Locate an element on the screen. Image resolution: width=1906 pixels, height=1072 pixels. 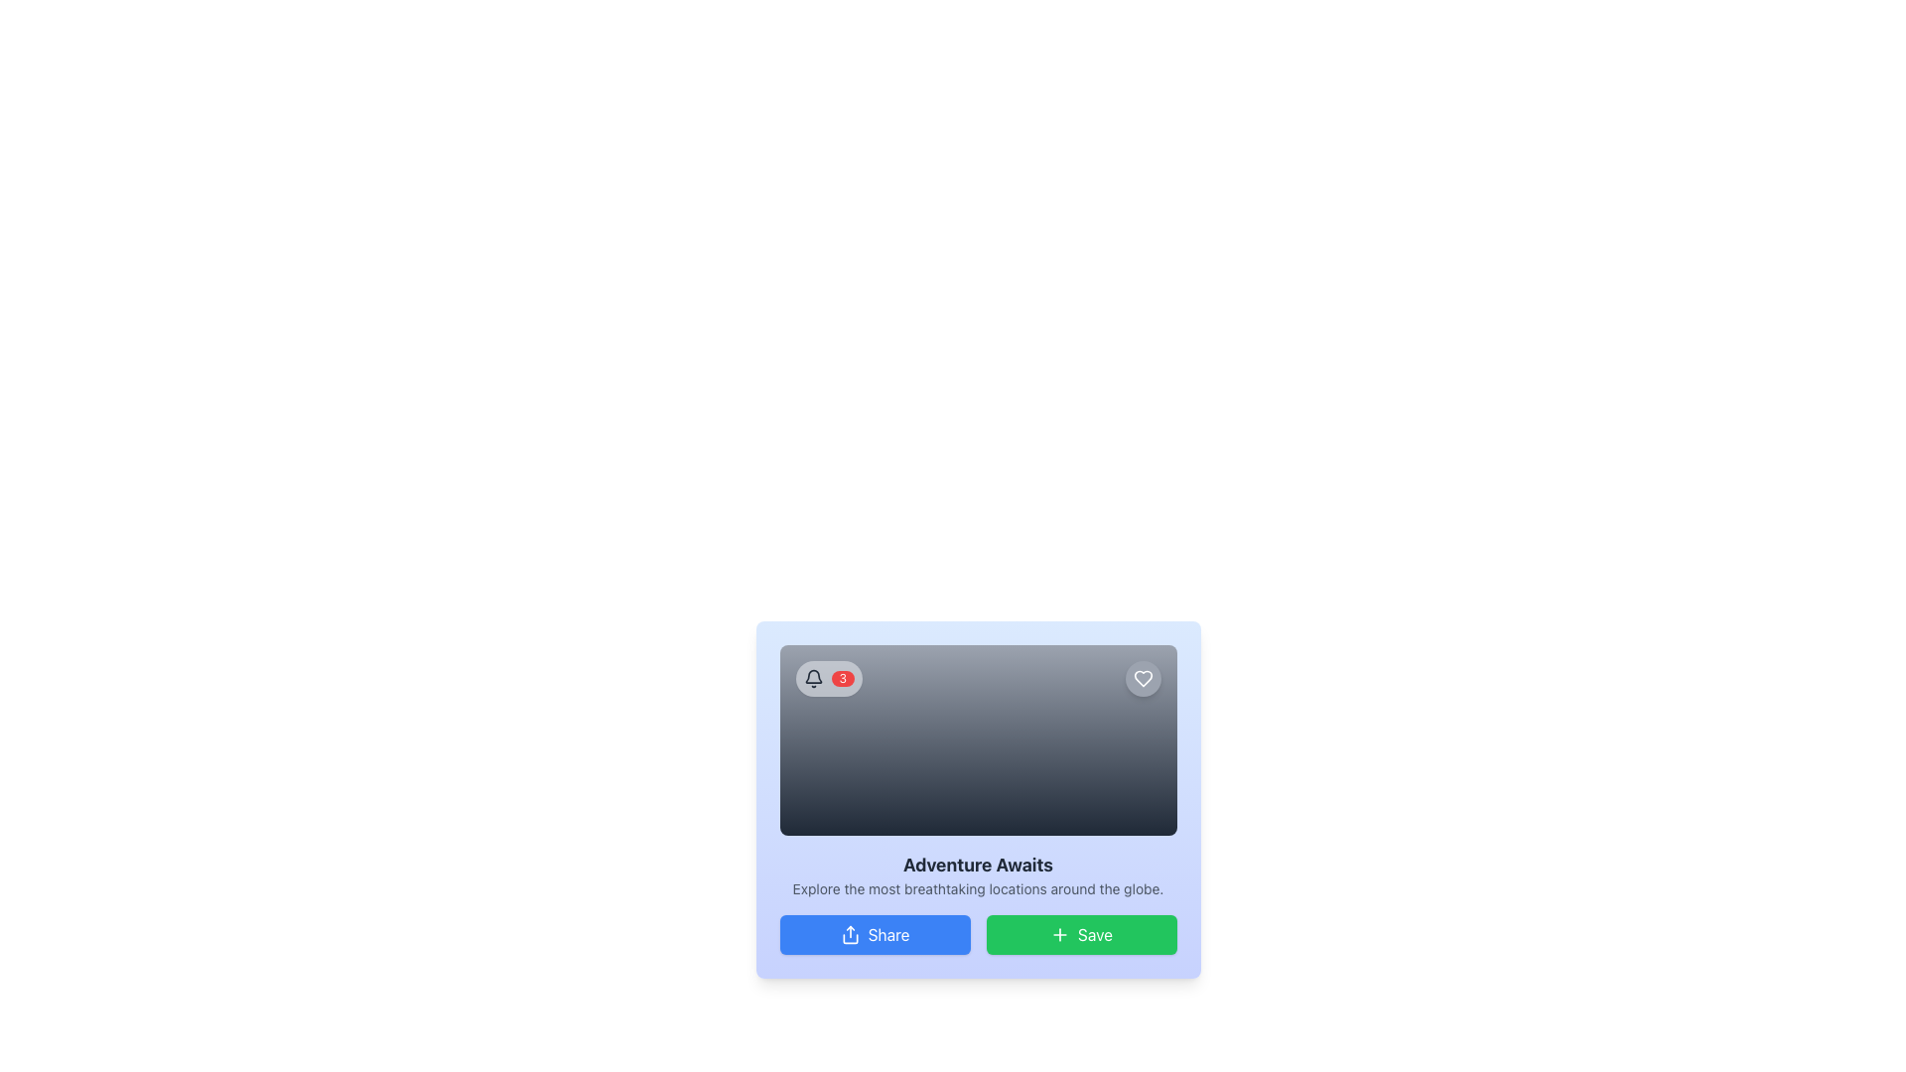
the heart-shaped icon located within the circular button in the top-right corner of the card UI is located at coordinates (1143, 677).